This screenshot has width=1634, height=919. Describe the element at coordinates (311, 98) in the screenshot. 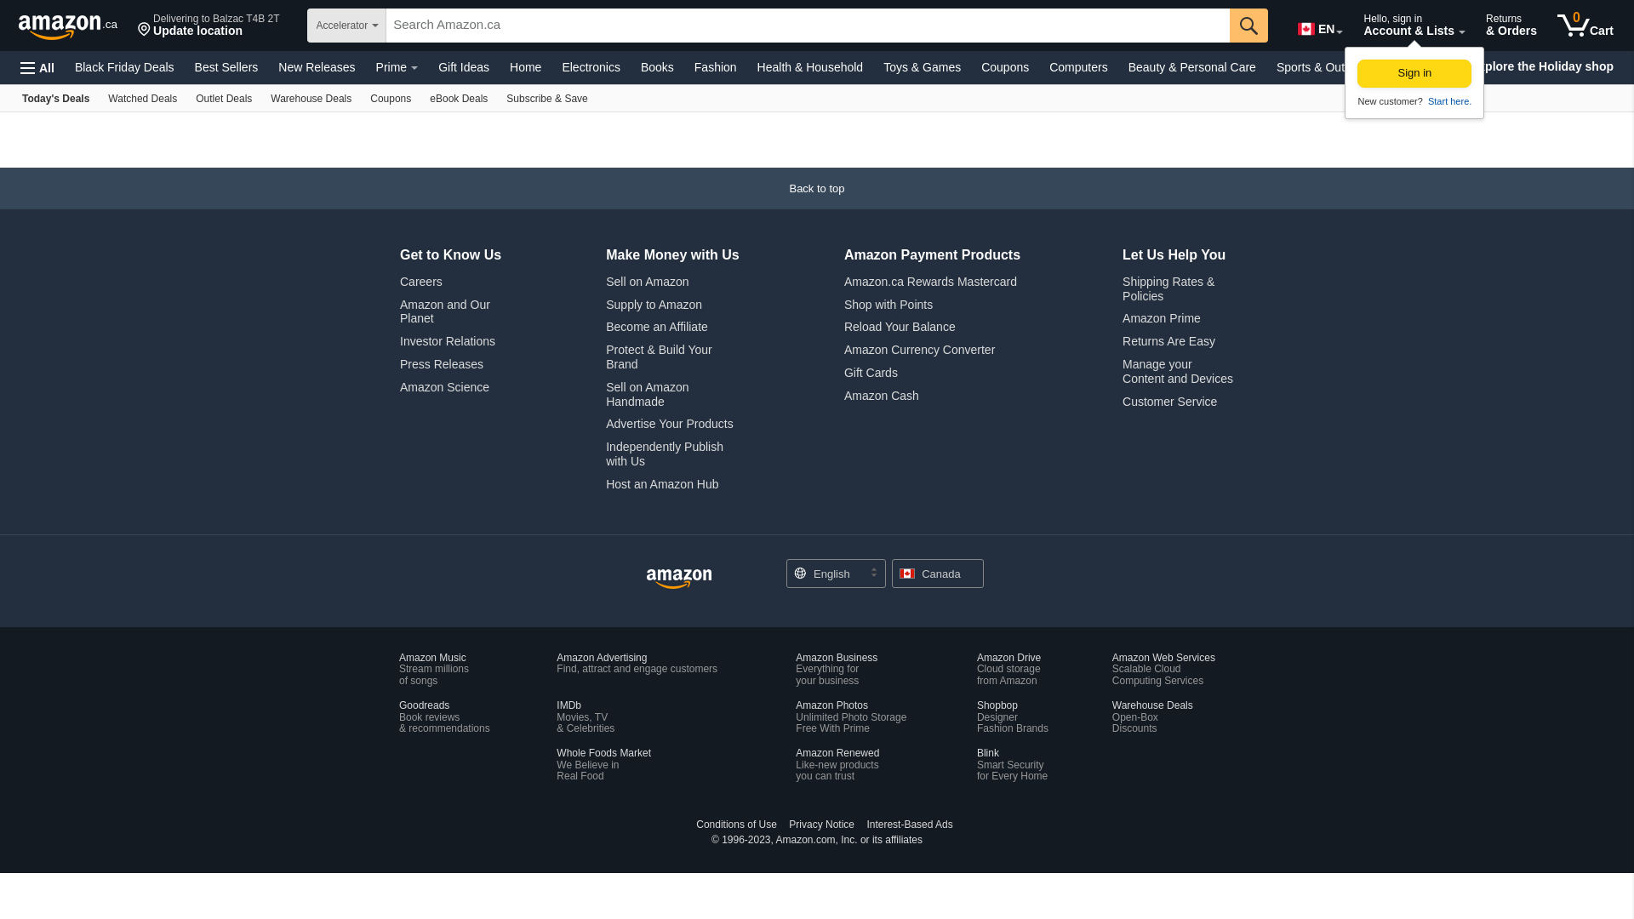

I see `'Warehouse Deals'` at that location.